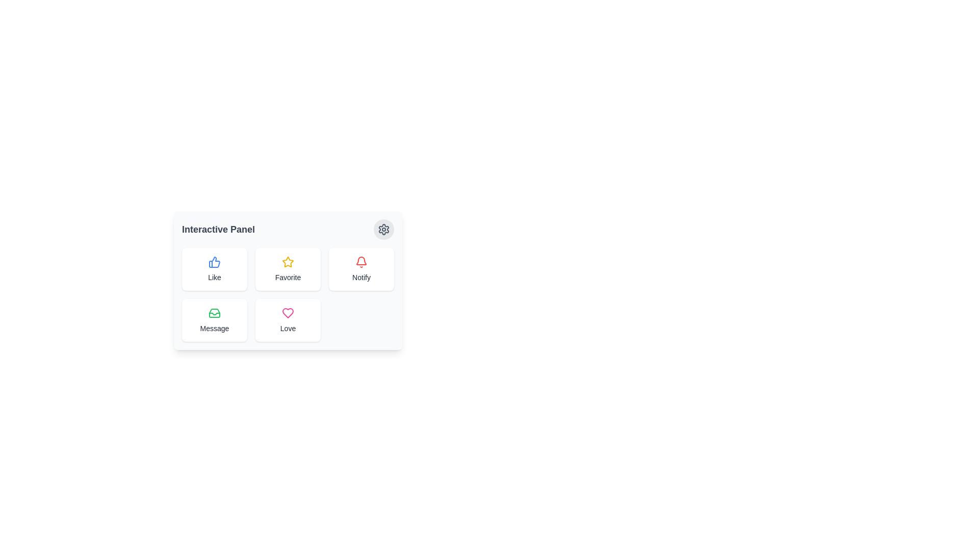 Image resolution: width=979 pixels, height=551 pixels. What do you see at coordinates (383, 230) in the screenshot?
I see `the gear-shaped icon located at the top-right corner of the 'Interactive Panel'` at bounding box center [383, 230].